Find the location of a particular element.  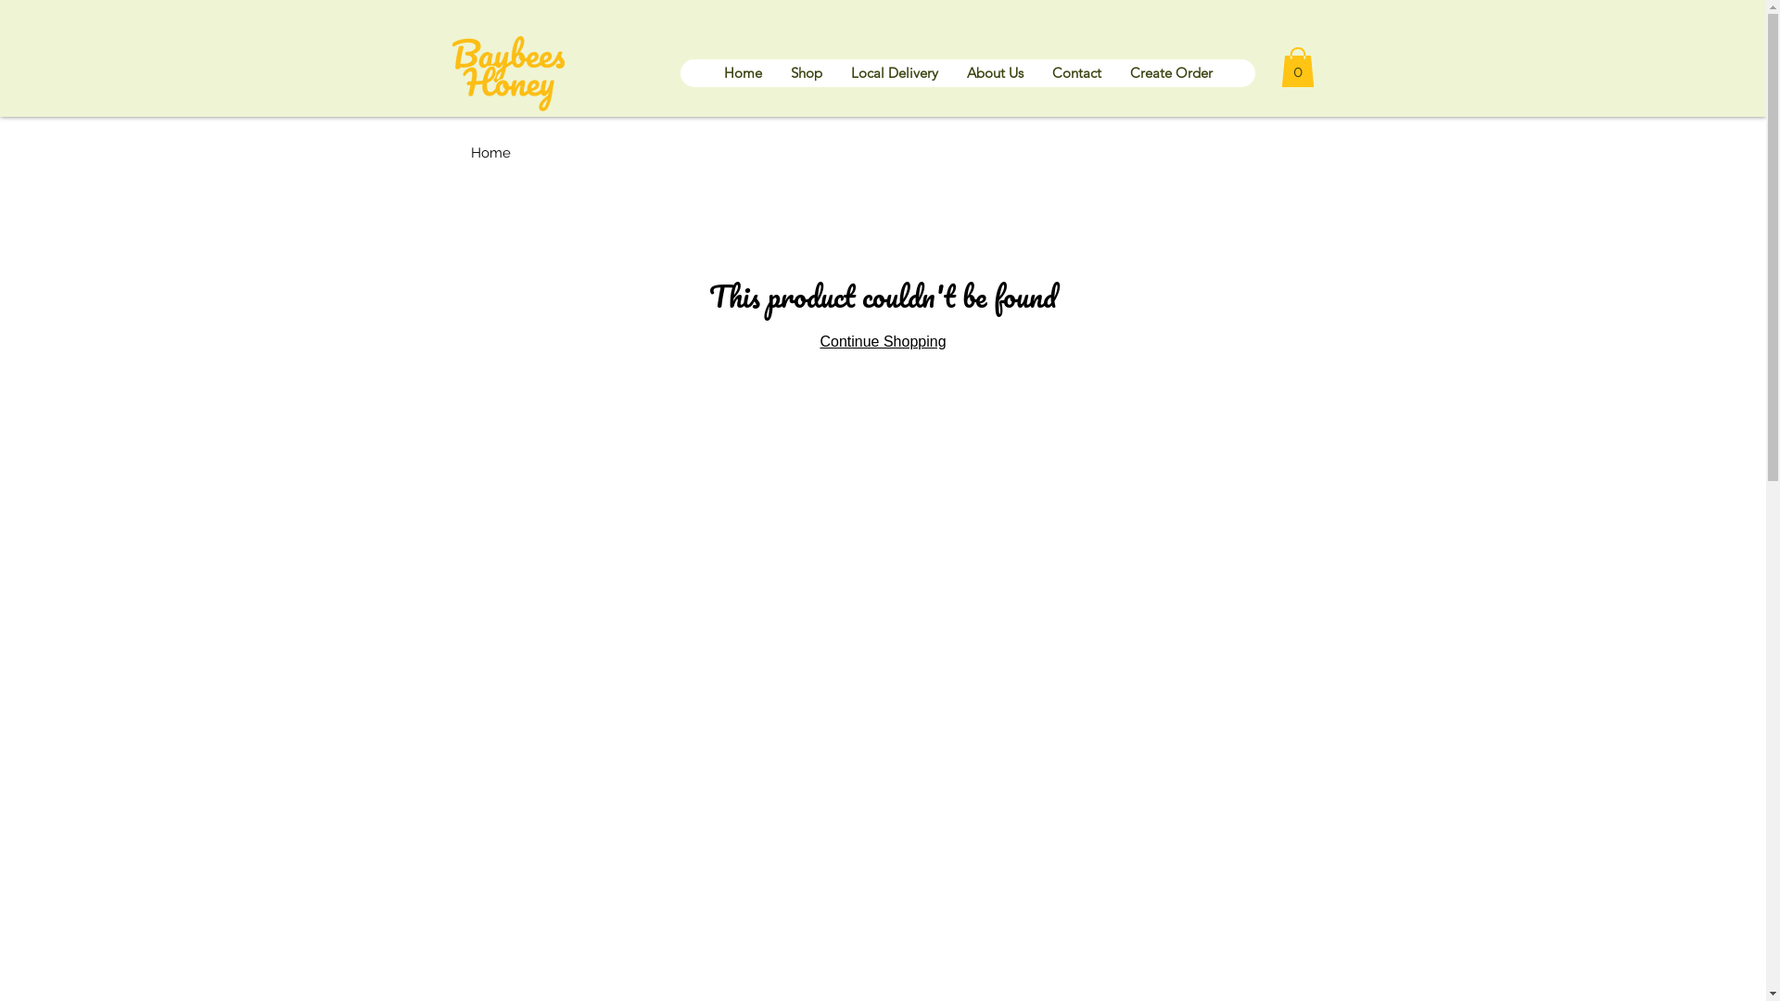

'0' is located at coordinates (1280, 66).